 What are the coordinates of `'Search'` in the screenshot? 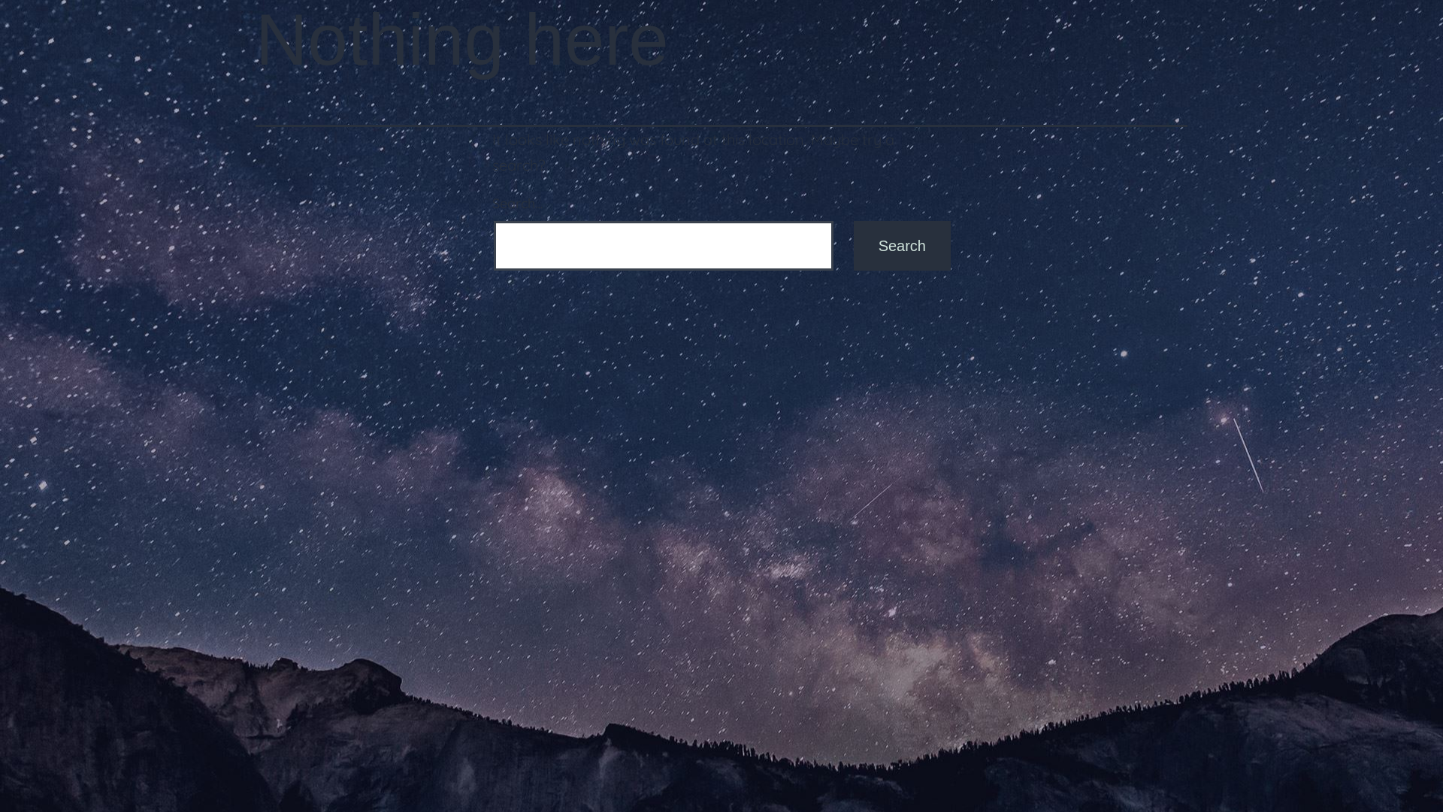 It's located at (902, 245).